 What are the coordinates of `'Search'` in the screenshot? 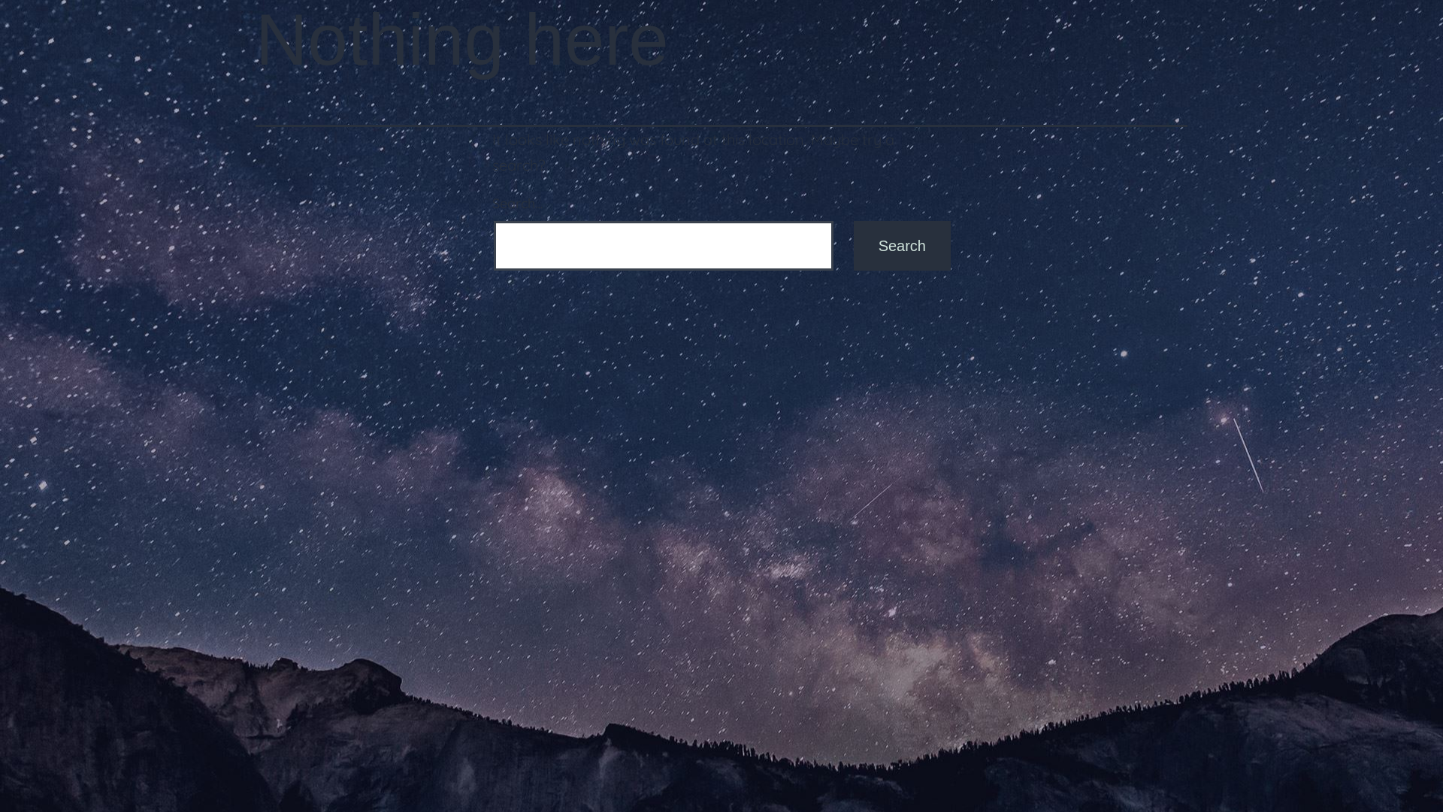 It's located at (902, 245).